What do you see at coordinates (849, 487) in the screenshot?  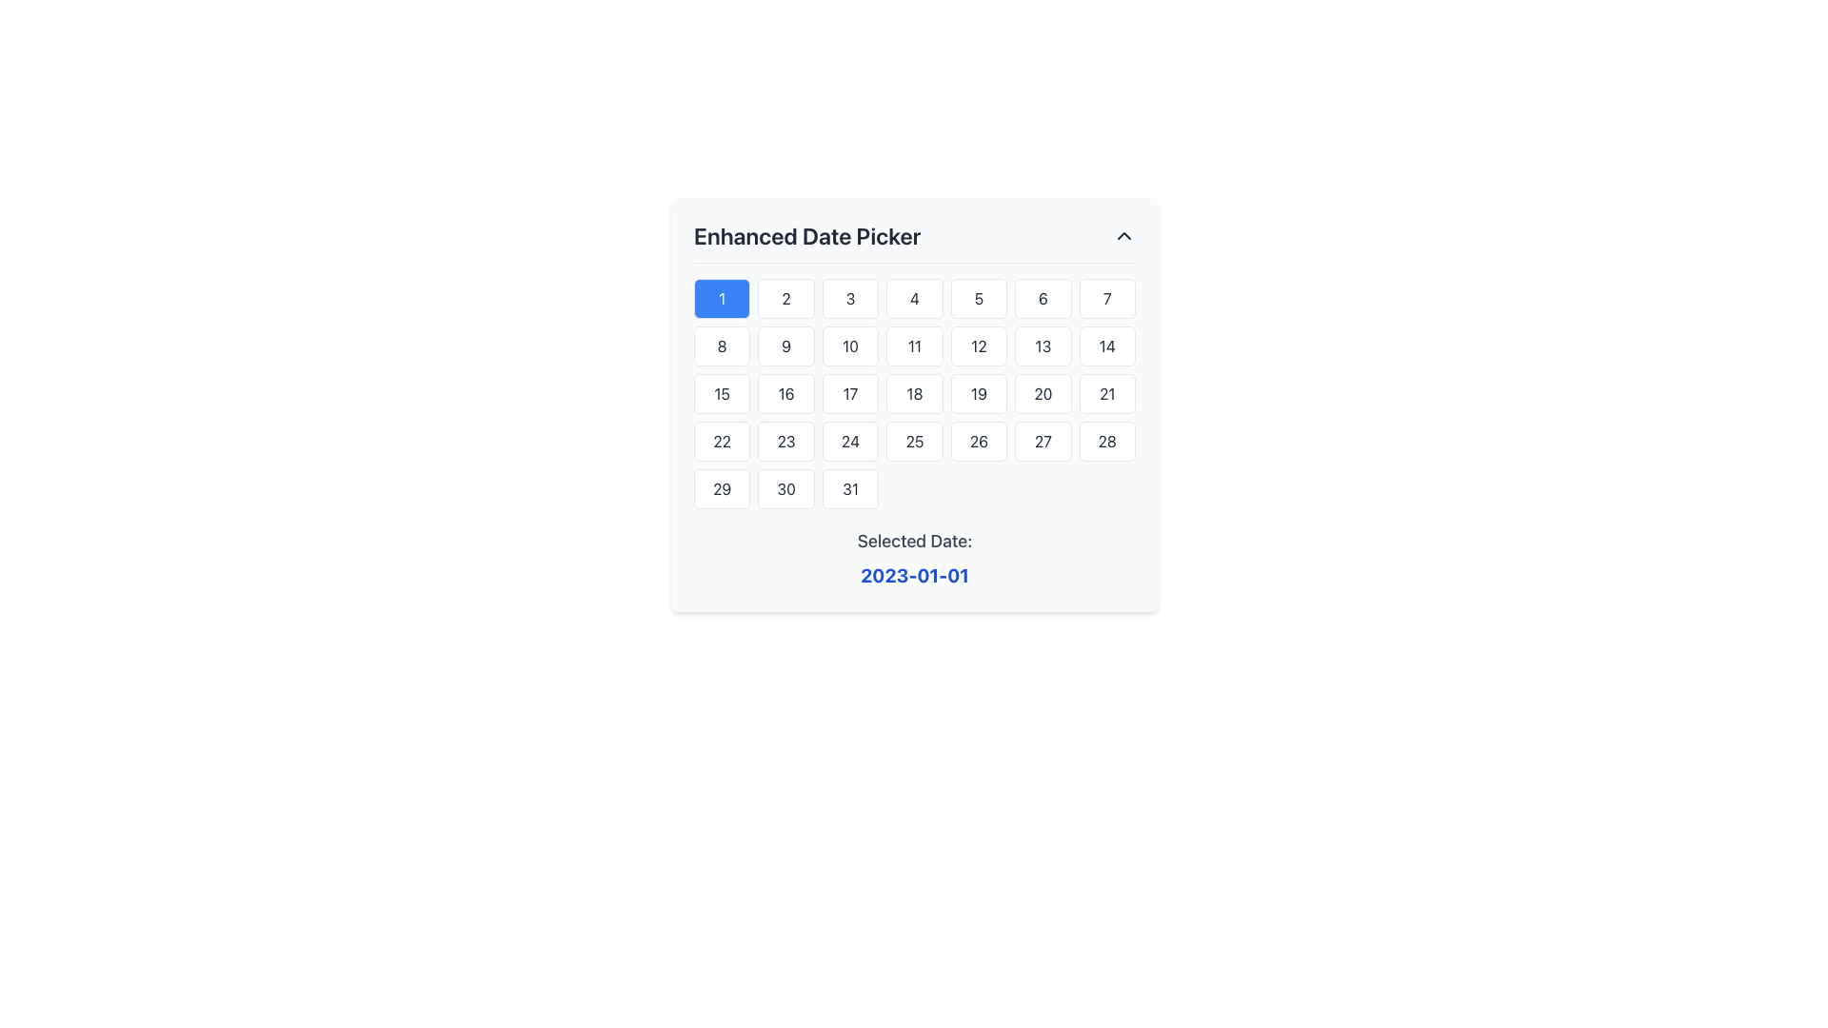 I see `the square-shaped button labeled '31' with a rounded border` at bounding box center [849, 487].